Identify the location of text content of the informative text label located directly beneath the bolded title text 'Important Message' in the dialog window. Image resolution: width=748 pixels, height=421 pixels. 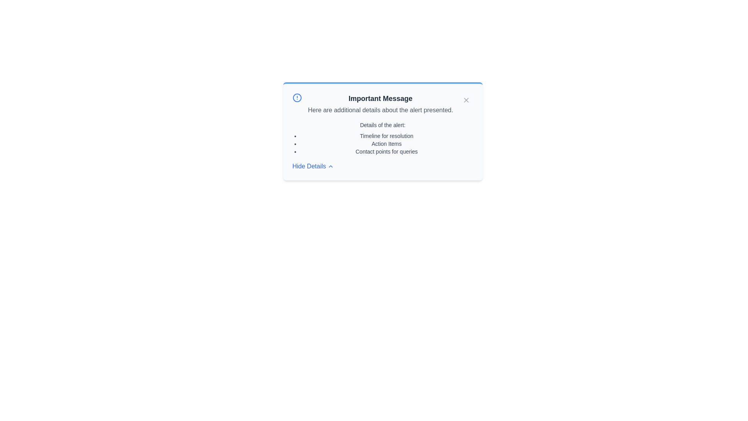
(380, 110).